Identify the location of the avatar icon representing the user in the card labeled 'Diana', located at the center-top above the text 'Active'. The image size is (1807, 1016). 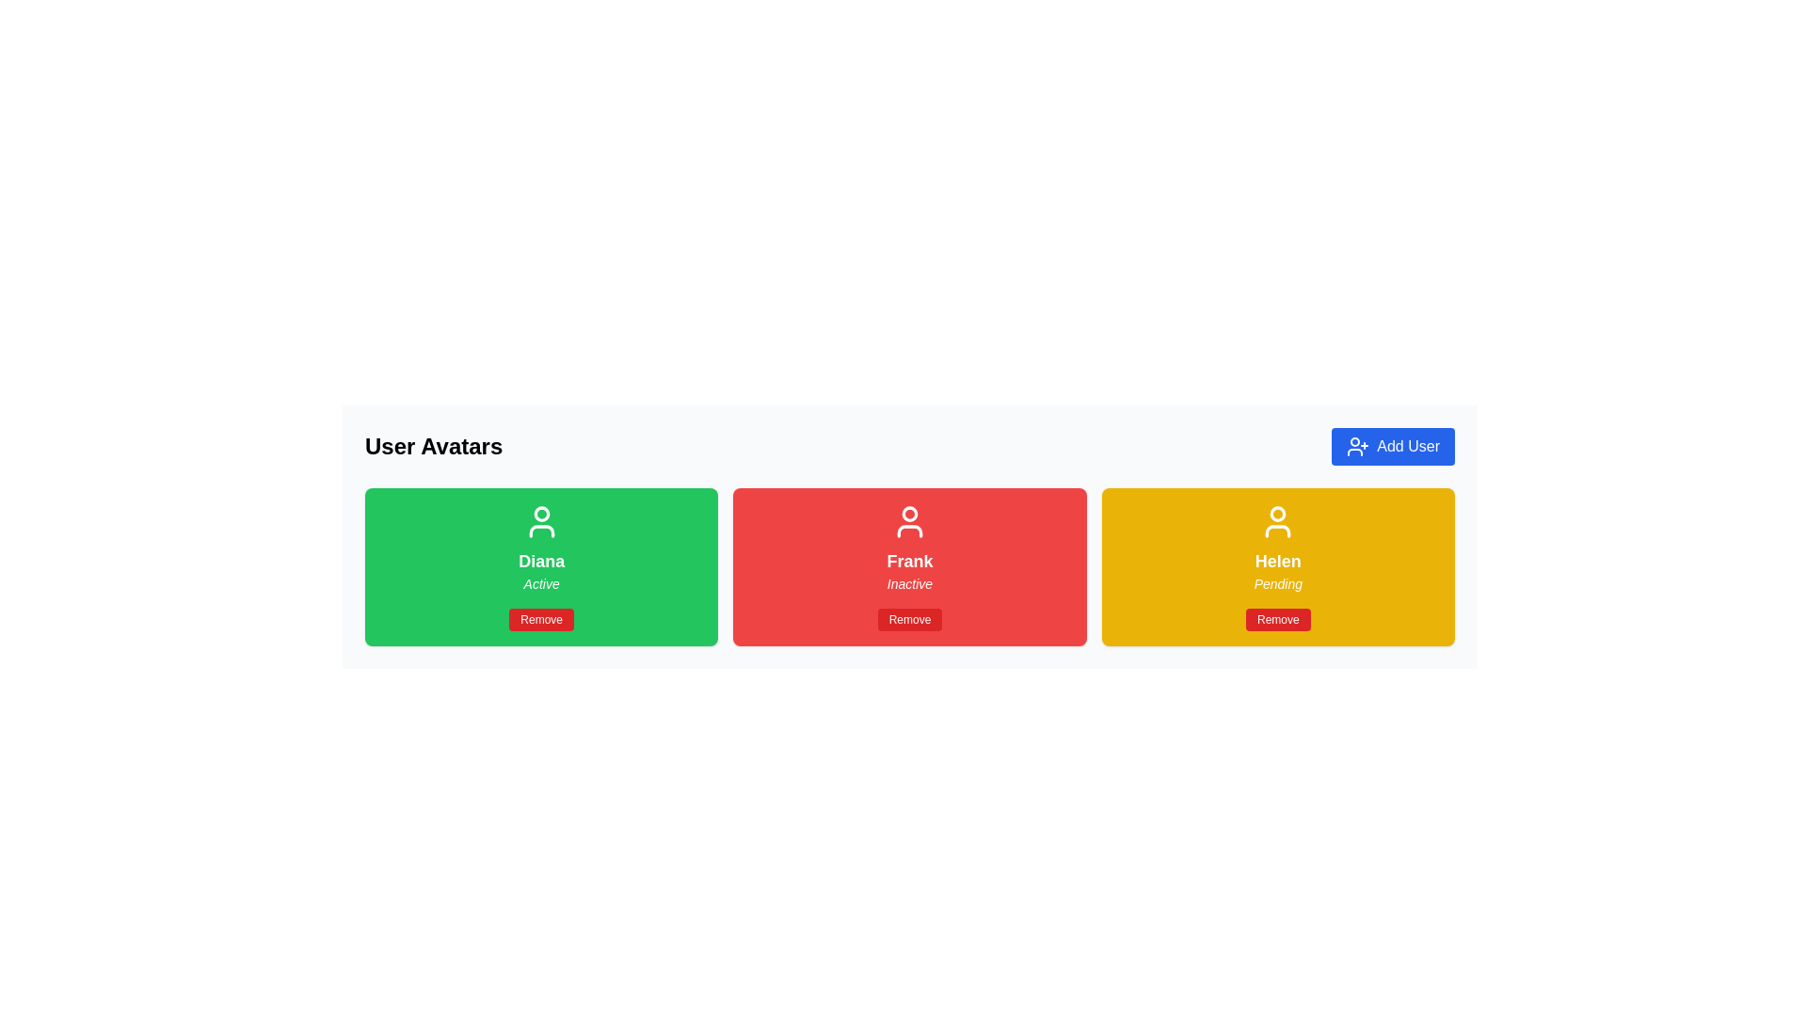
(540, 522).